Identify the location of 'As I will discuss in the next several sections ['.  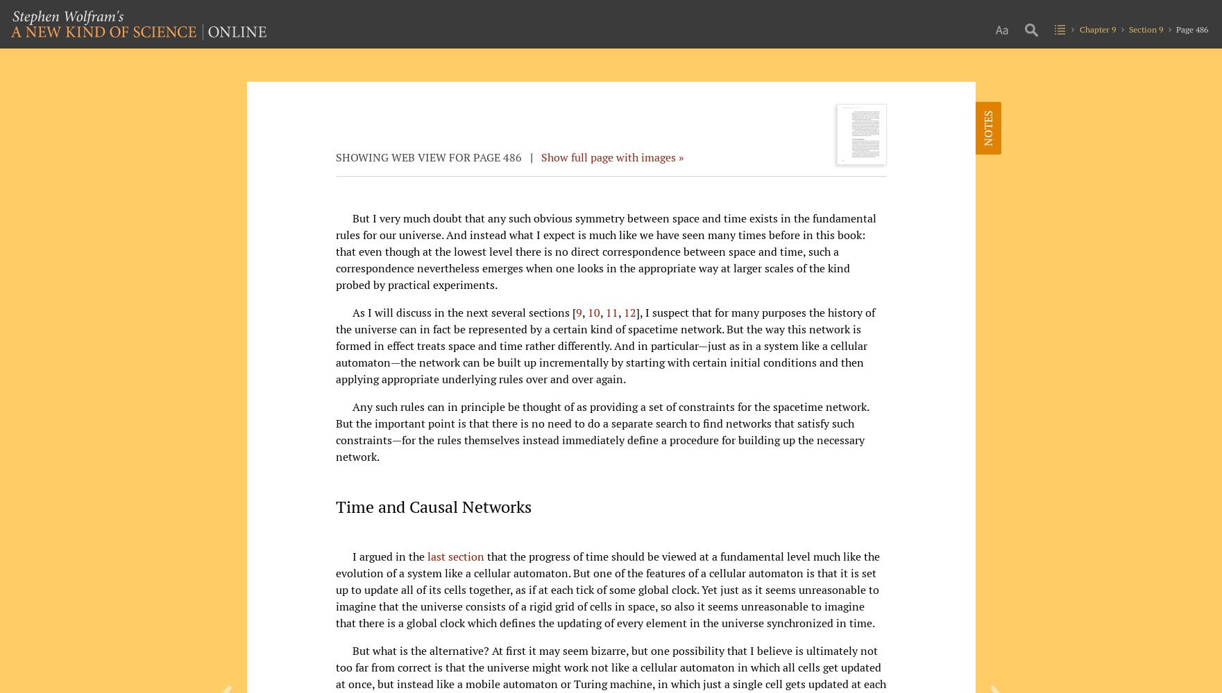
(463, 312).